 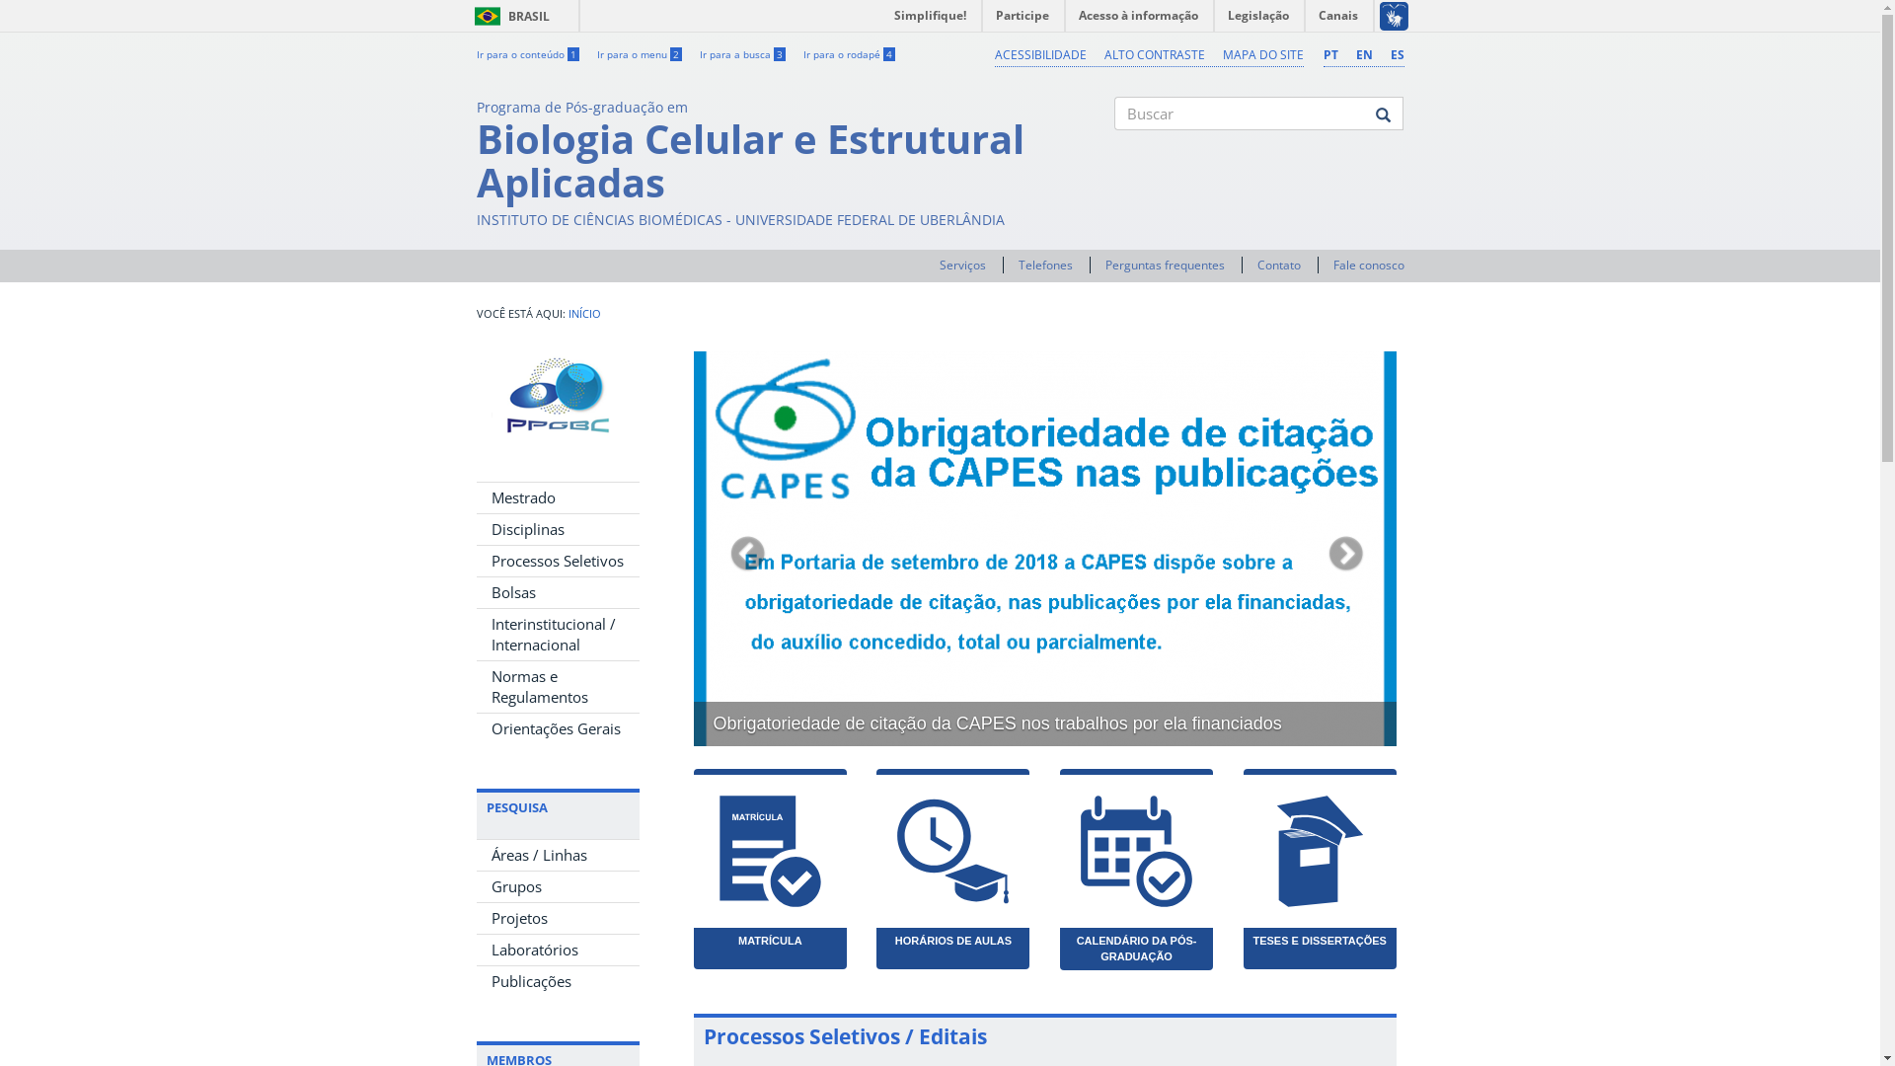 What do you see at coordinates (556, 885) in the screenshot?
I see `'Grupos'` at bounding box center [556, 885].